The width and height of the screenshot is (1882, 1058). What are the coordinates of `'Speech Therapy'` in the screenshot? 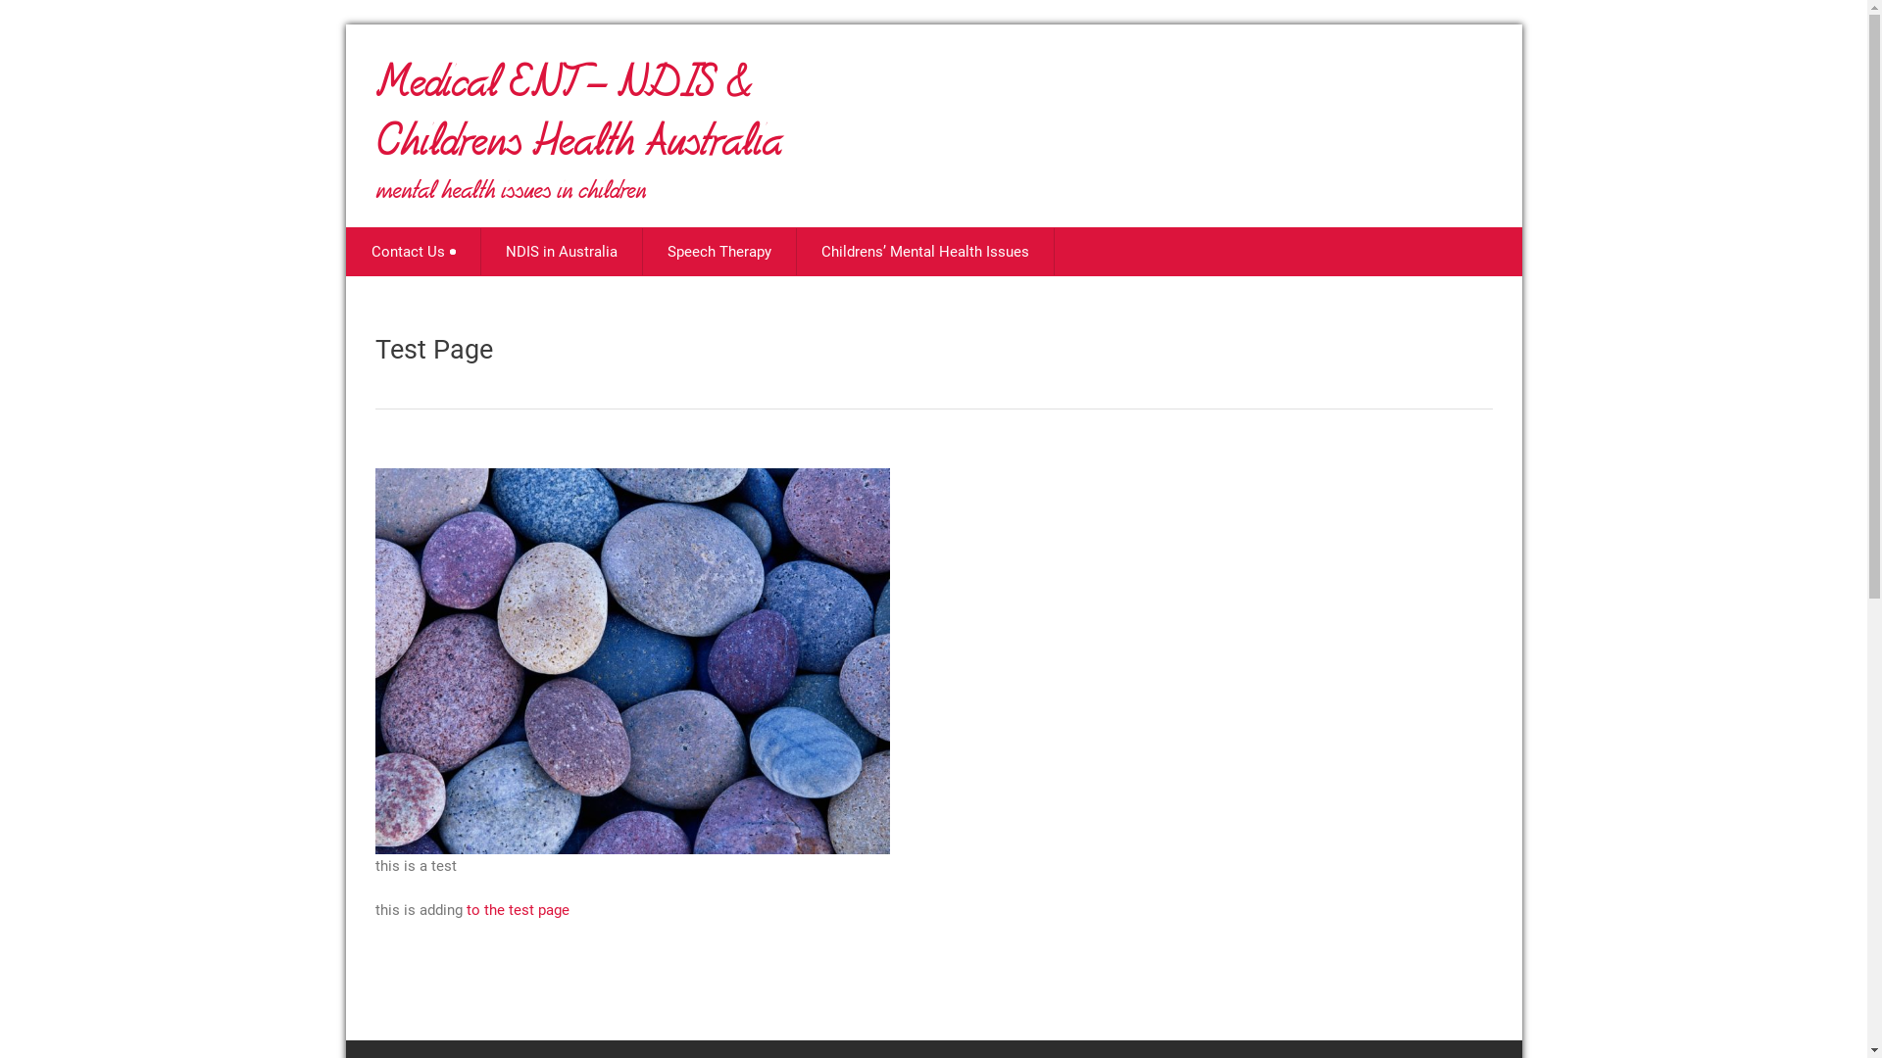 It's located at (718, 251).